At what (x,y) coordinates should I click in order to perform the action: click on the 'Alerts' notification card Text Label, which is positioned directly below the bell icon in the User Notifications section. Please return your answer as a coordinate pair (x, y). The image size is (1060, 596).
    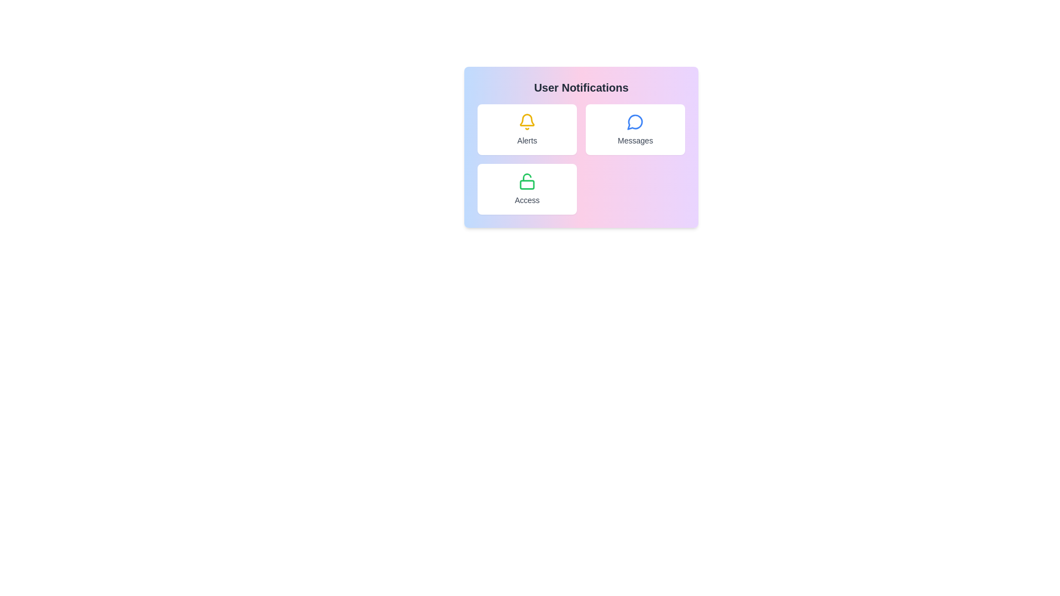
    Looking at the image, I should click on (527, 140).